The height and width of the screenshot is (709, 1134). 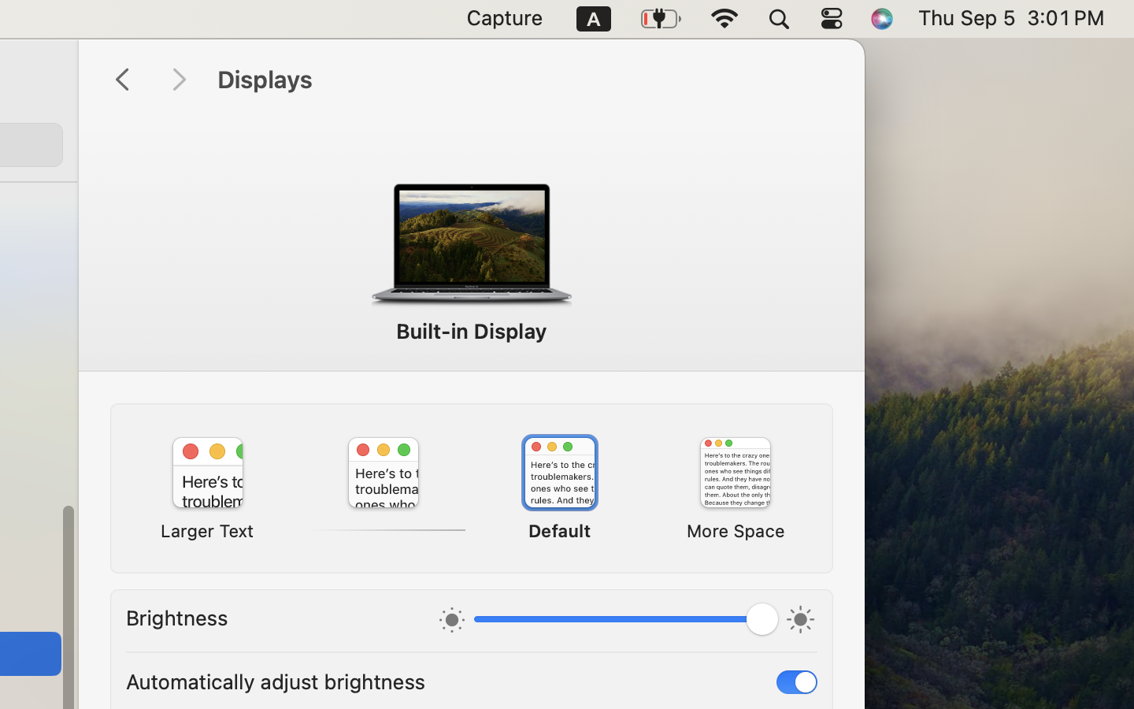 I want to click on 'Automatically adjust brightness', so click(x=276, y=681).